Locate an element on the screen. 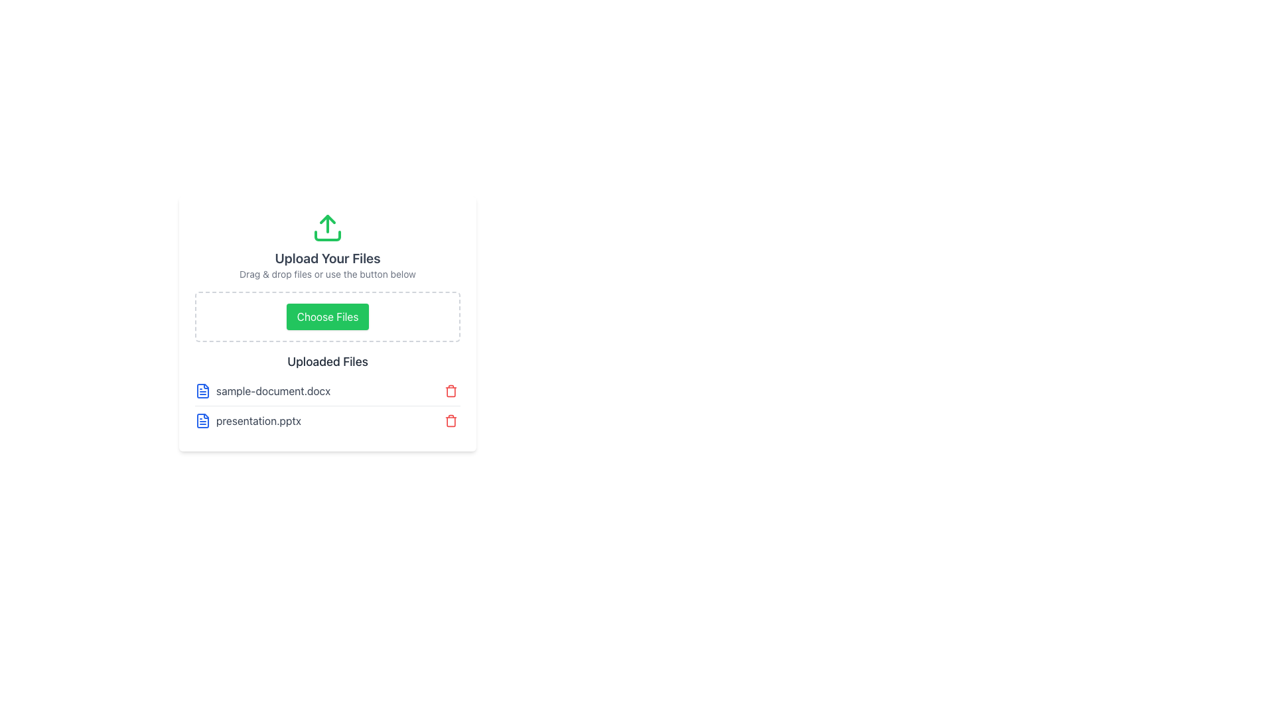  the file name 'presentation.pptx' is located at coordinates (328, 405).